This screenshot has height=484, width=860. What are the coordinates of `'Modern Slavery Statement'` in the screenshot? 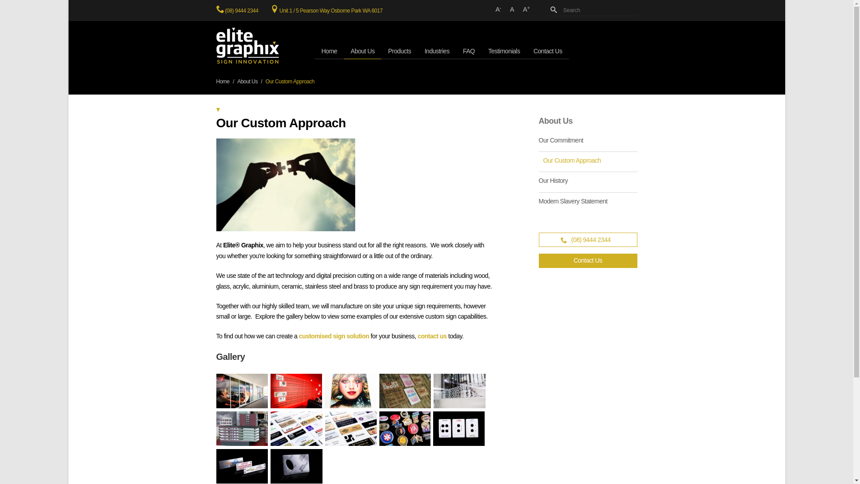 It's located at (587, 200).